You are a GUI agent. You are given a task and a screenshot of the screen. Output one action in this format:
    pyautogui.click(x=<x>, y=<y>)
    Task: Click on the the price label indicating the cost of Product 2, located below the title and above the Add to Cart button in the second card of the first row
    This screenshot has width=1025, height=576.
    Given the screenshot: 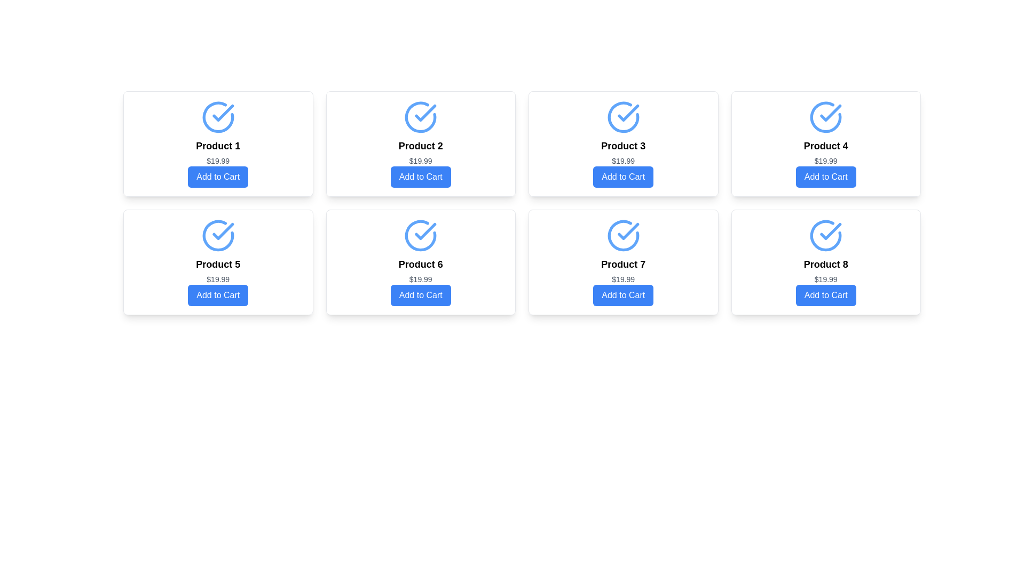 What is the action you would take?
    pyautogui.click(x=420, y=161)
    